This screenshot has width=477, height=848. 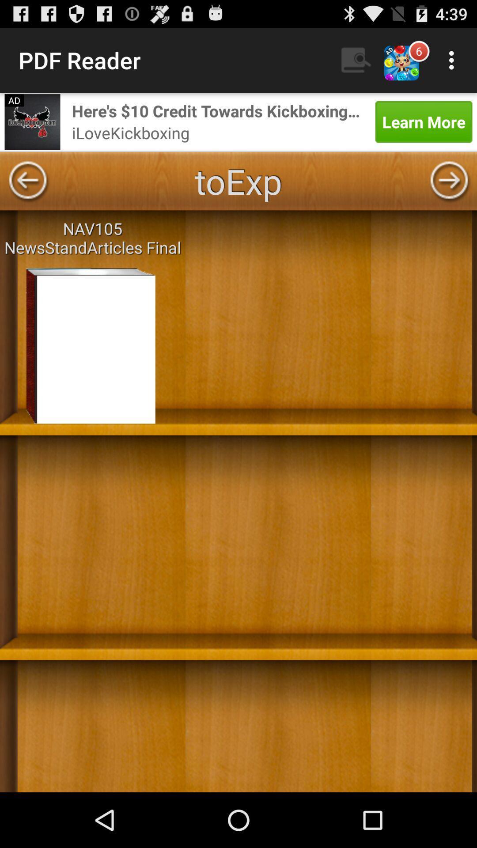 What do you see at coordinates (449, 181) in the screenshot?
I see `next` at bounding box center [449, 181].